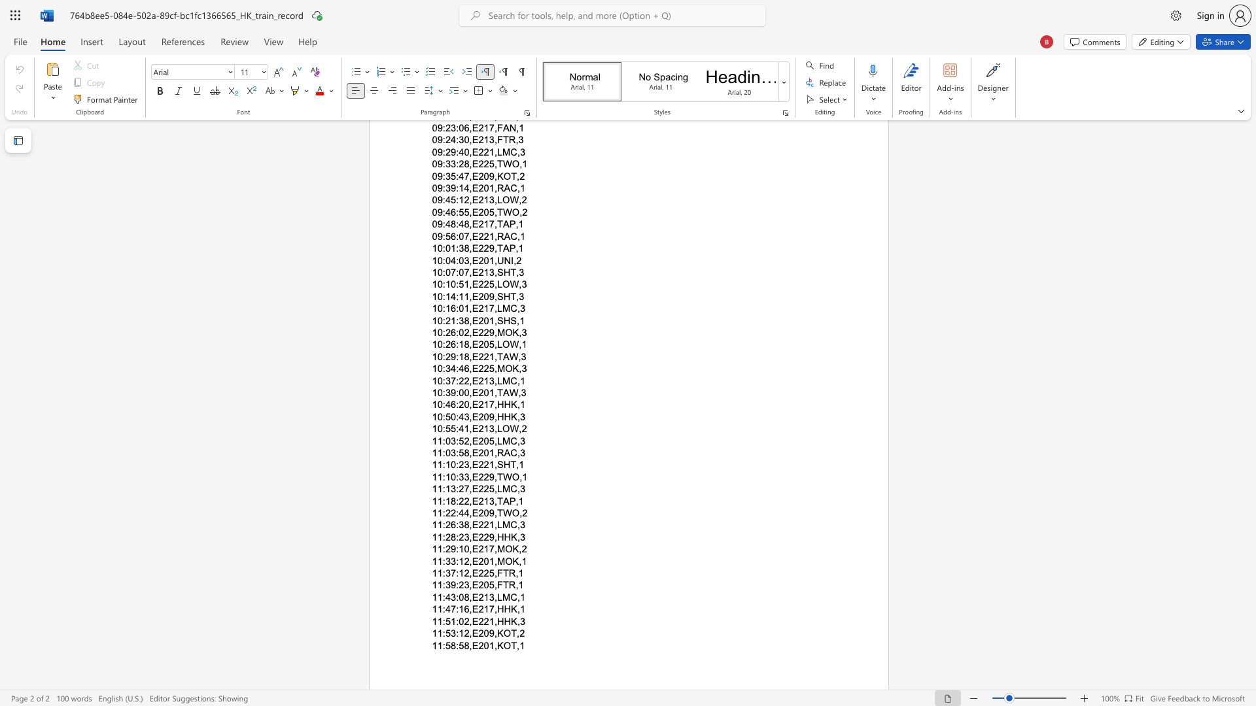 This screenshot has width=1256, height=706. What do you see at coordinates (464, 597) in the screenshot?
I see `the space between the continuous character "0" and "8" in the text` at bounding box center [464, 597].